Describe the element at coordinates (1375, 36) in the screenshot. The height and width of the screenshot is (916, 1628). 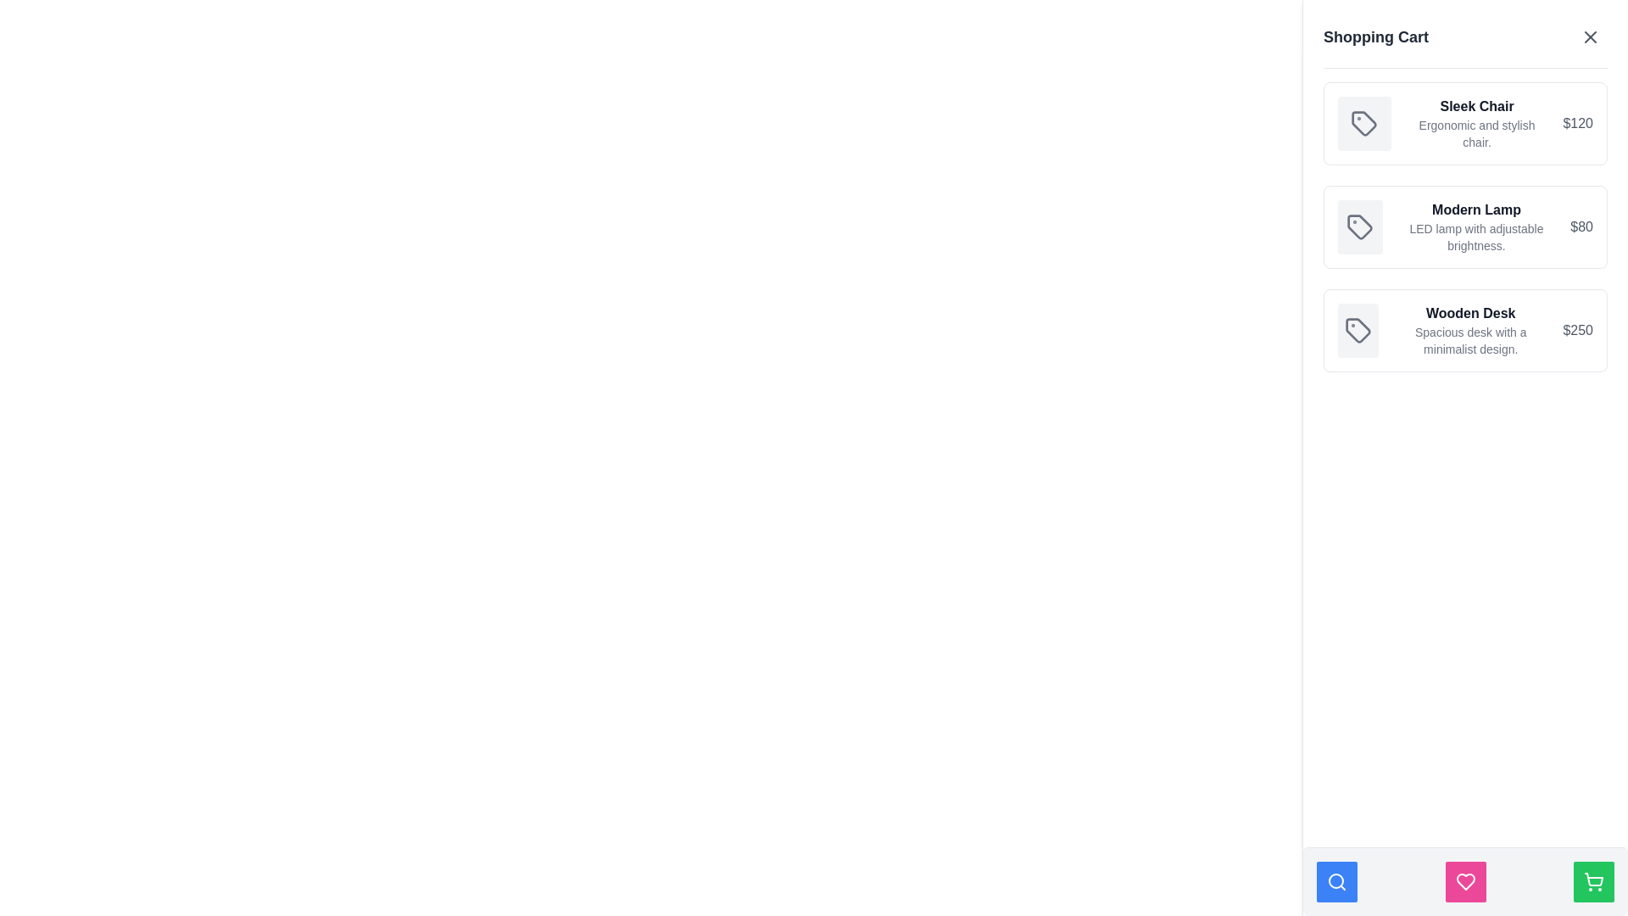
I see `the non-interactive heading Text label located at the top left of the right-side panel, which denotes the title or purpose of the current section` at that location.